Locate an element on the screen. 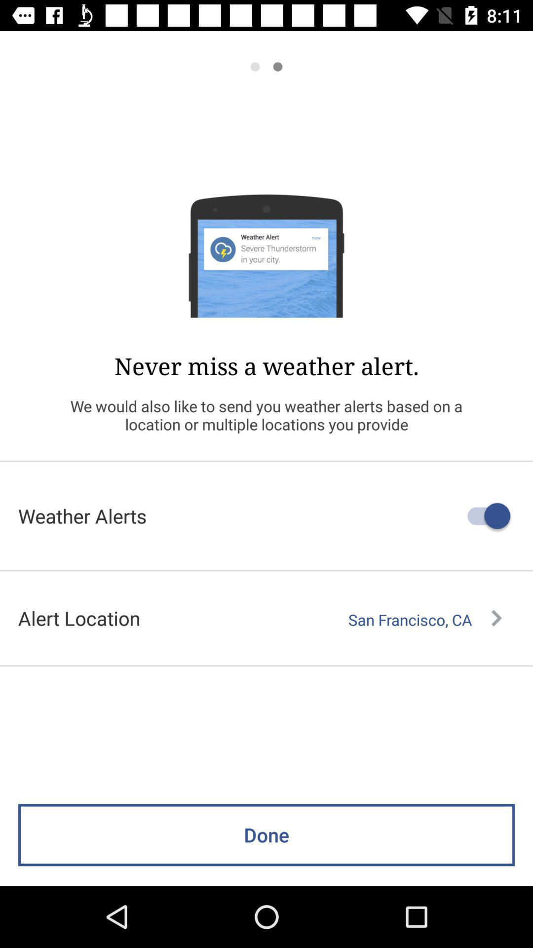 The width and height of the screenshot is (533, 948). san francisco, ca icon is located at coordinates (424, 619).